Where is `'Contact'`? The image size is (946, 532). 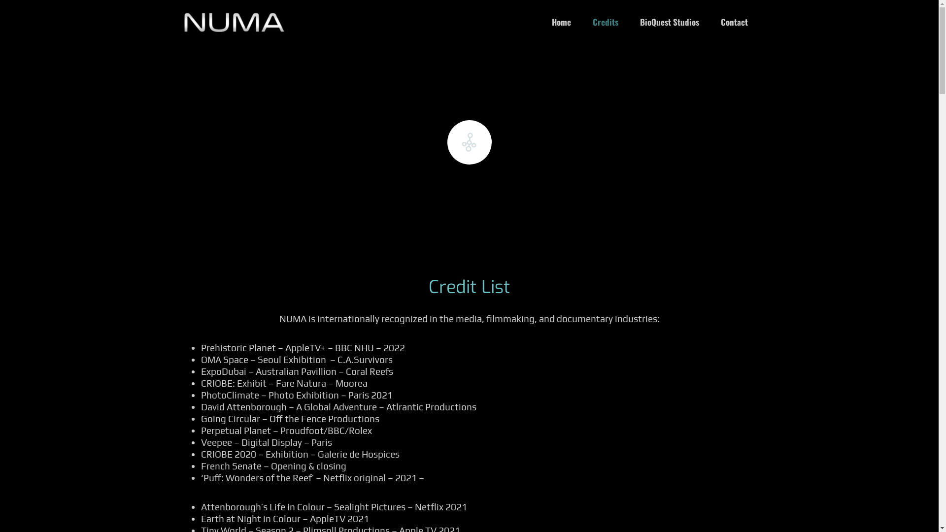 'Contact' is located at coordinates (734, 22).